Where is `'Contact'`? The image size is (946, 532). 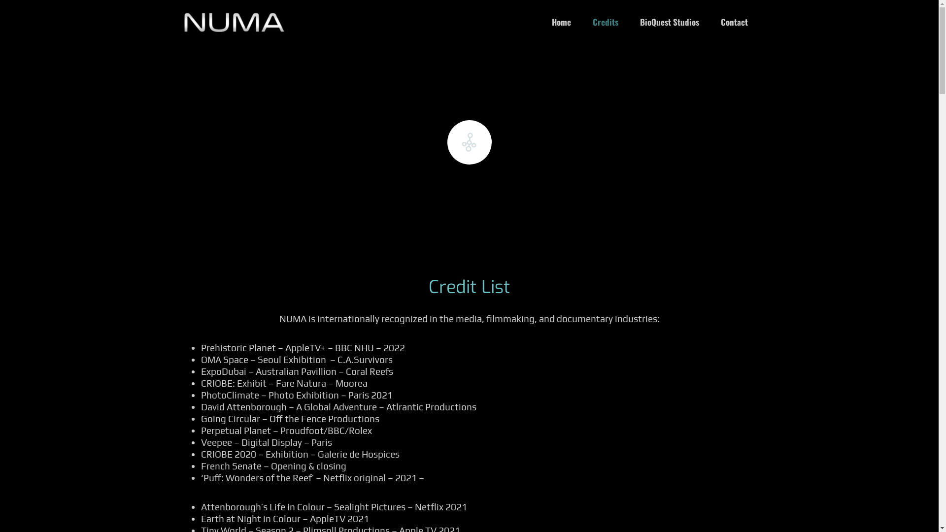 'Contact' is located at coordinates (734, 22).